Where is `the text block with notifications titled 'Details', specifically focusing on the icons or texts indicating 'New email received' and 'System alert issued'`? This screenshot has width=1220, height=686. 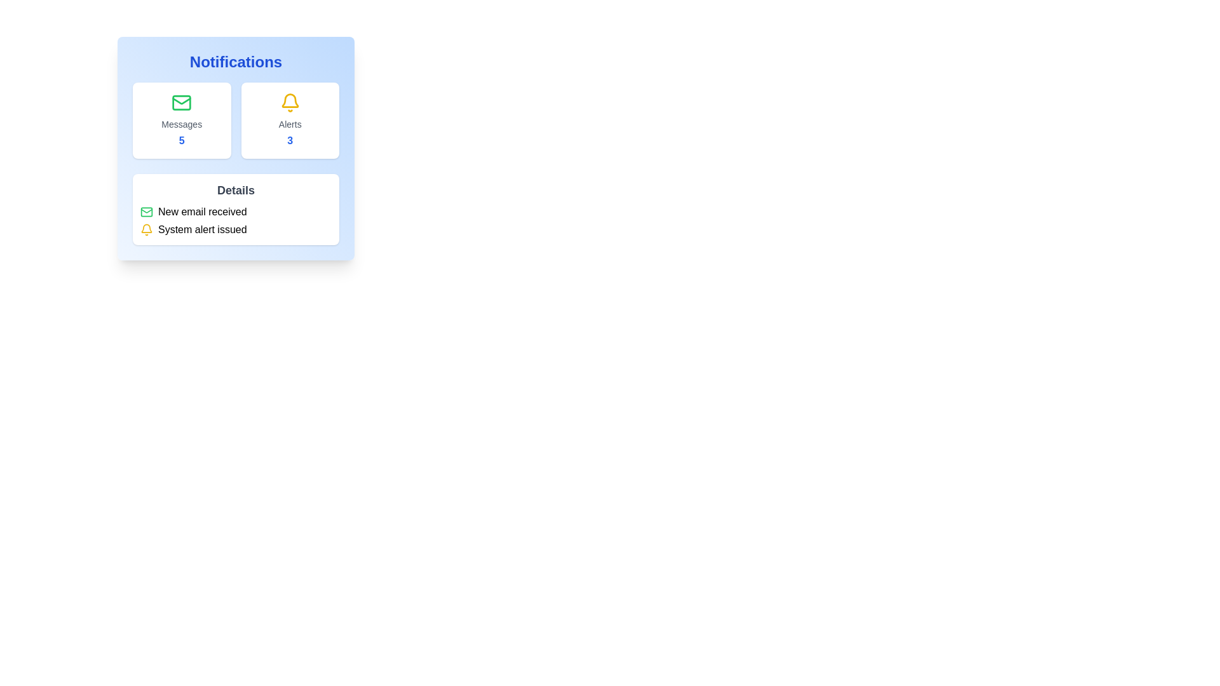
the text block with notifications titled 'Details', specifically focusing on the icons or texts indicating 'New email received' and 'System alert issued' is located at coordinates (236, 220).